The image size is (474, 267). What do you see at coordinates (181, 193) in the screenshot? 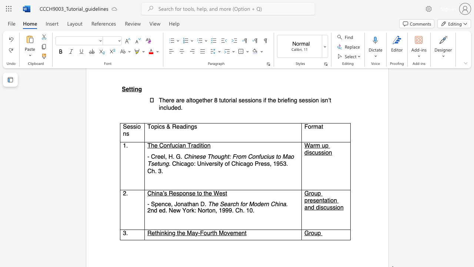
I see `the 1th character "p" in the text` at bounding box center [181, 193].